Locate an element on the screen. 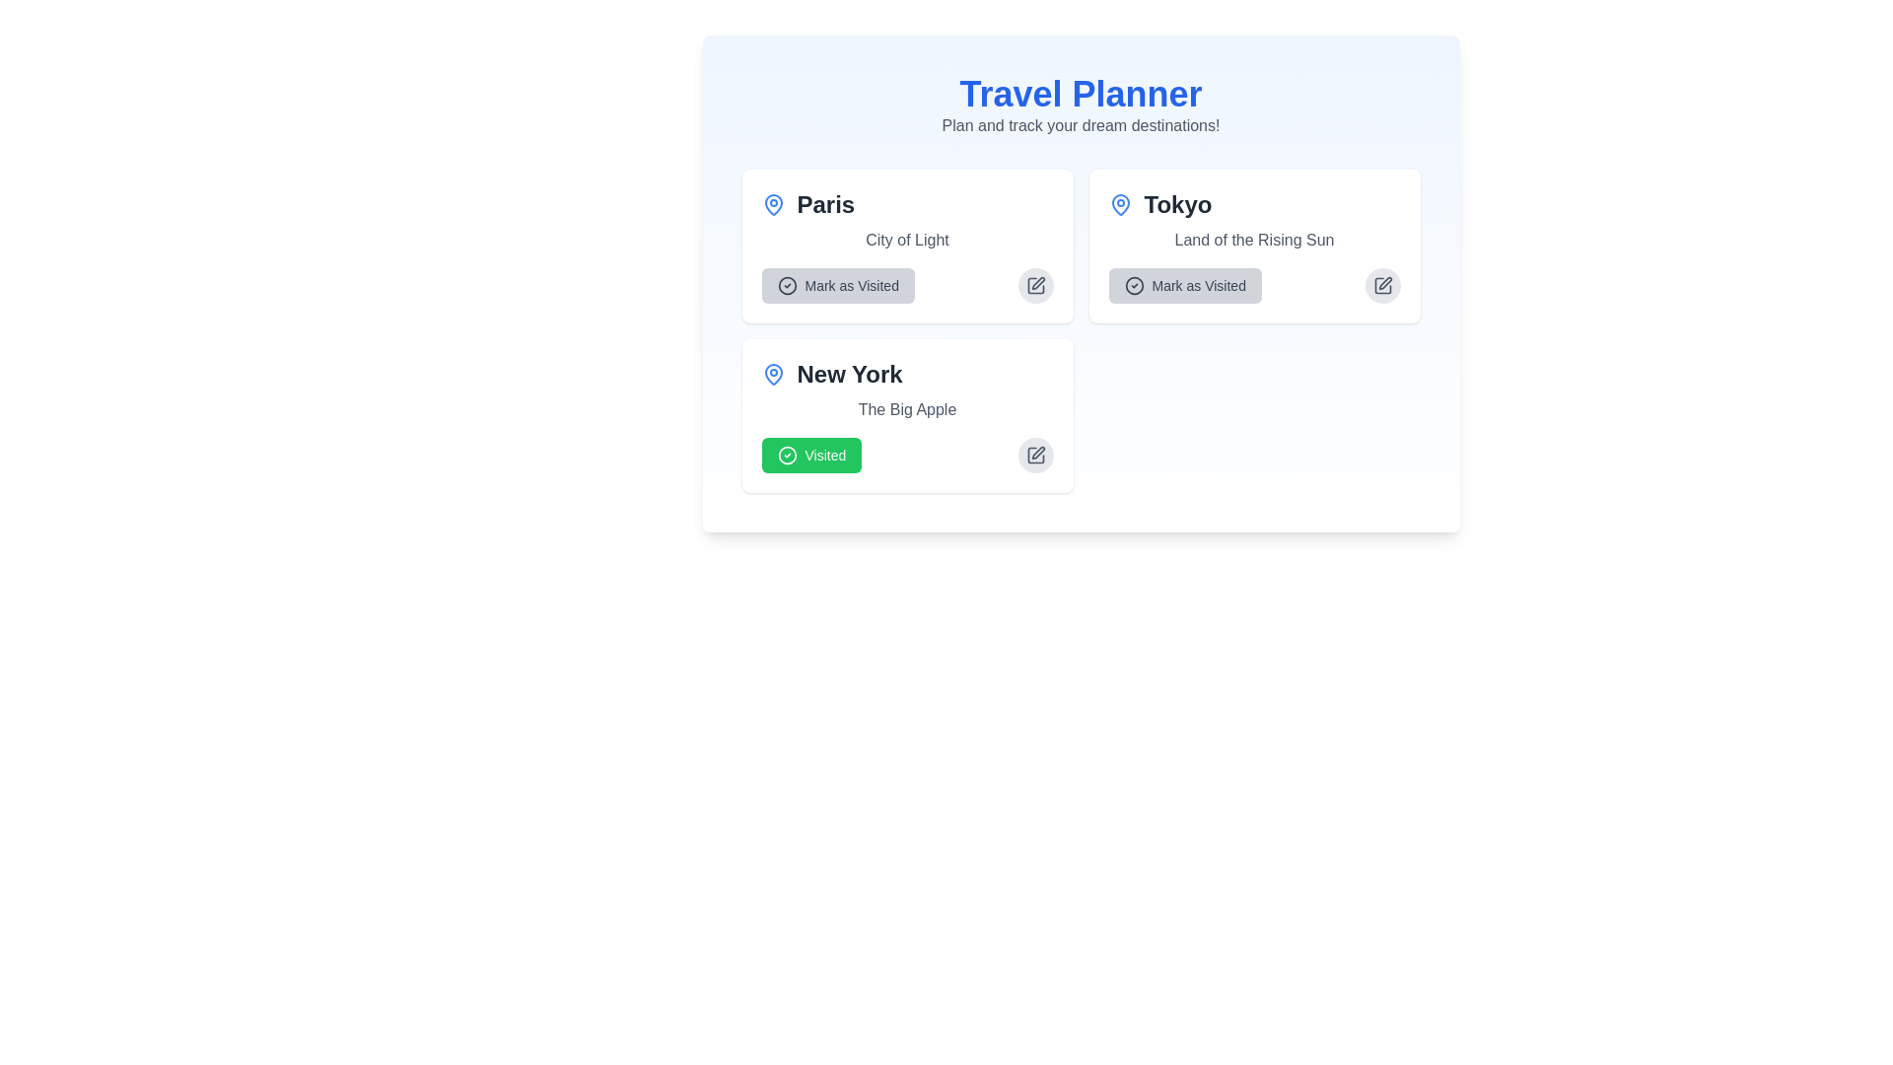 This screenshot has height=1065, width=1893. the Tokyo destination icon located in the top-right quadrant of the travel planner interface, which is part of the 'Tokyo' card above the description text and to the left of the 'Mark as Visited' button is located at coordinates (1120, 205).